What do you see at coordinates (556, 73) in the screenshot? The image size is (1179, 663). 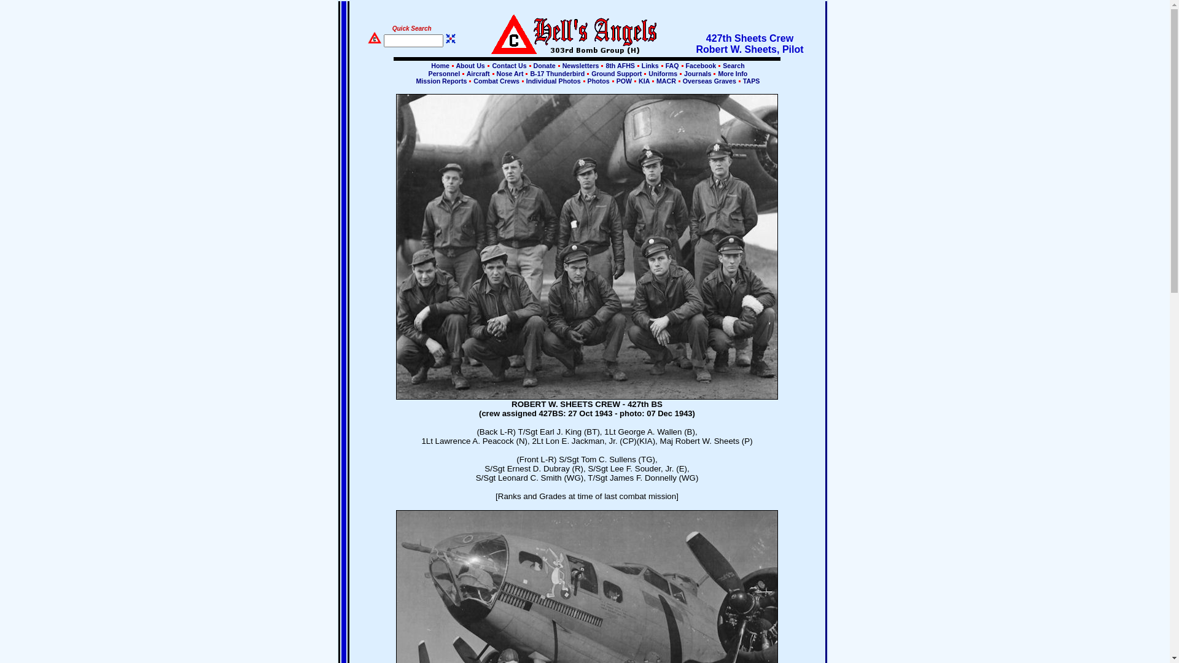 I see `'B-17 Thunderbird'` at bounding box center [556, 73].